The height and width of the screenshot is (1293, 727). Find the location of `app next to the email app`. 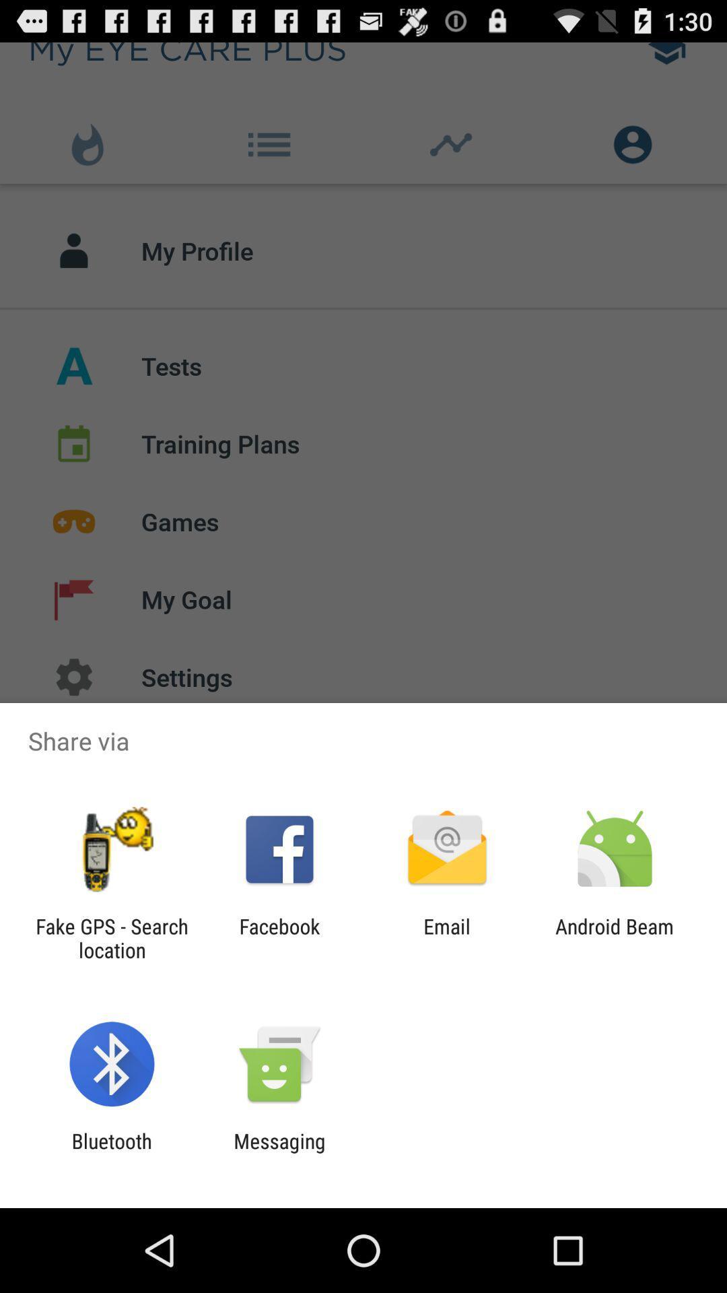

app next to the email app is located at coordinates (279, 937).